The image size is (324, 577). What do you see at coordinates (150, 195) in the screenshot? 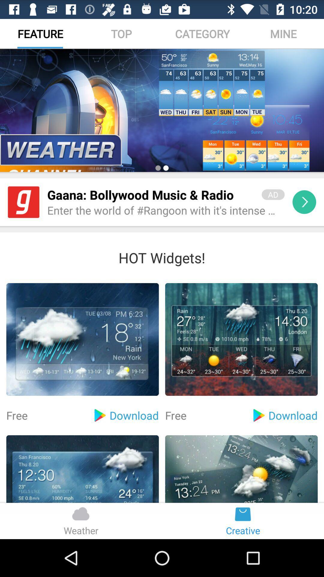
I see `app to the left of the ad` at bounding box center [150, 195].